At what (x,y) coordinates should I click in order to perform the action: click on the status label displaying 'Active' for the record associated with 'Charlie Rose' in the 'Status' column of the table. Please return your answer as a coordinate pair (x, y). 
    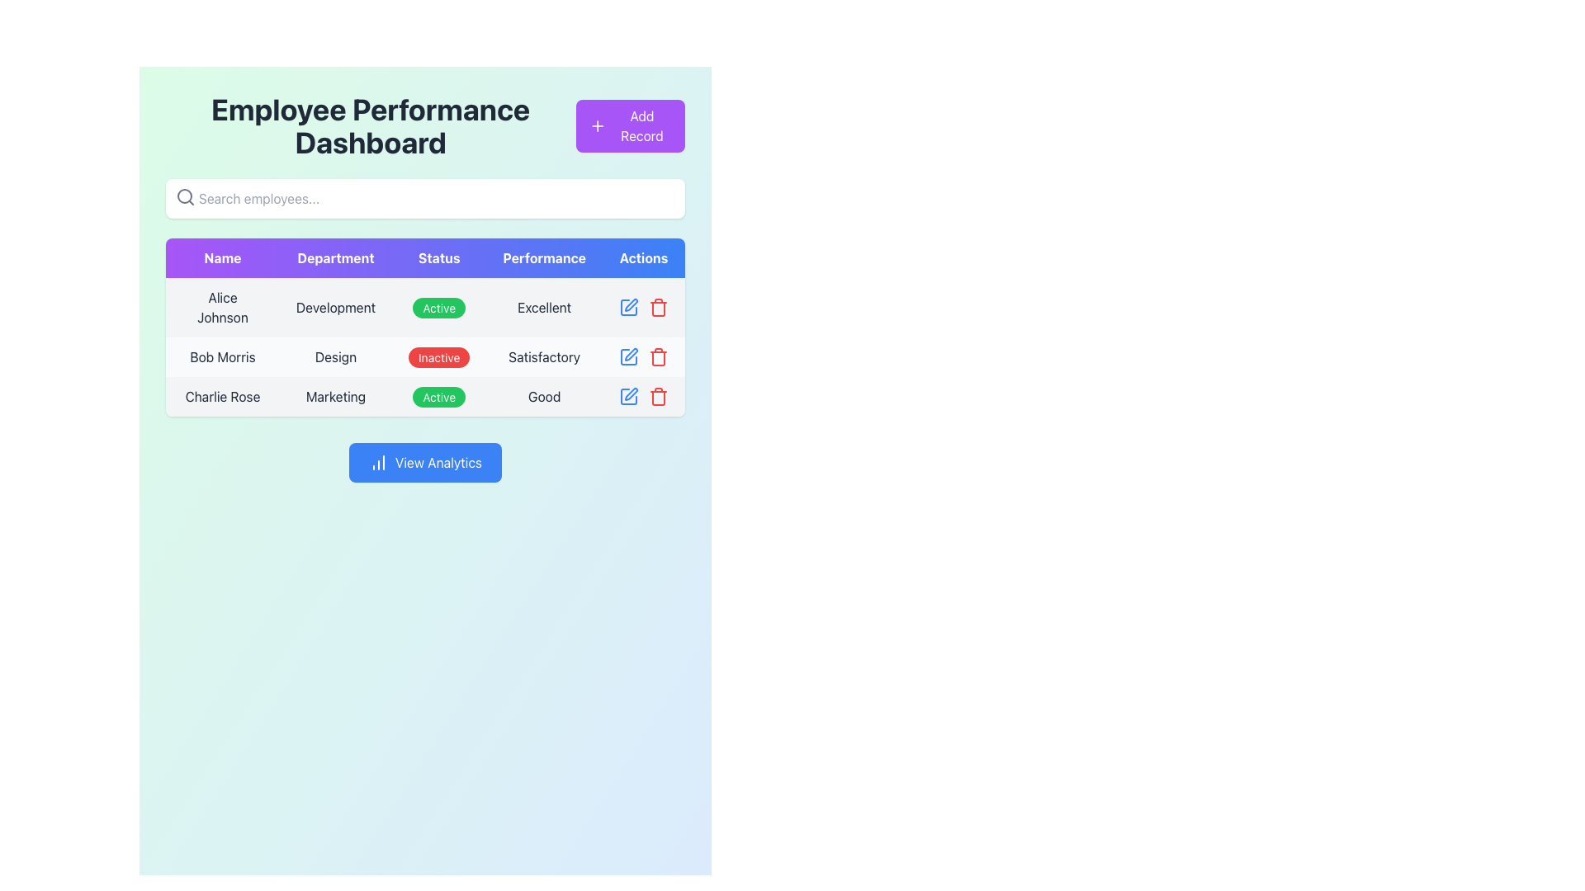
    Looking at the image, I should click on (439, 397).